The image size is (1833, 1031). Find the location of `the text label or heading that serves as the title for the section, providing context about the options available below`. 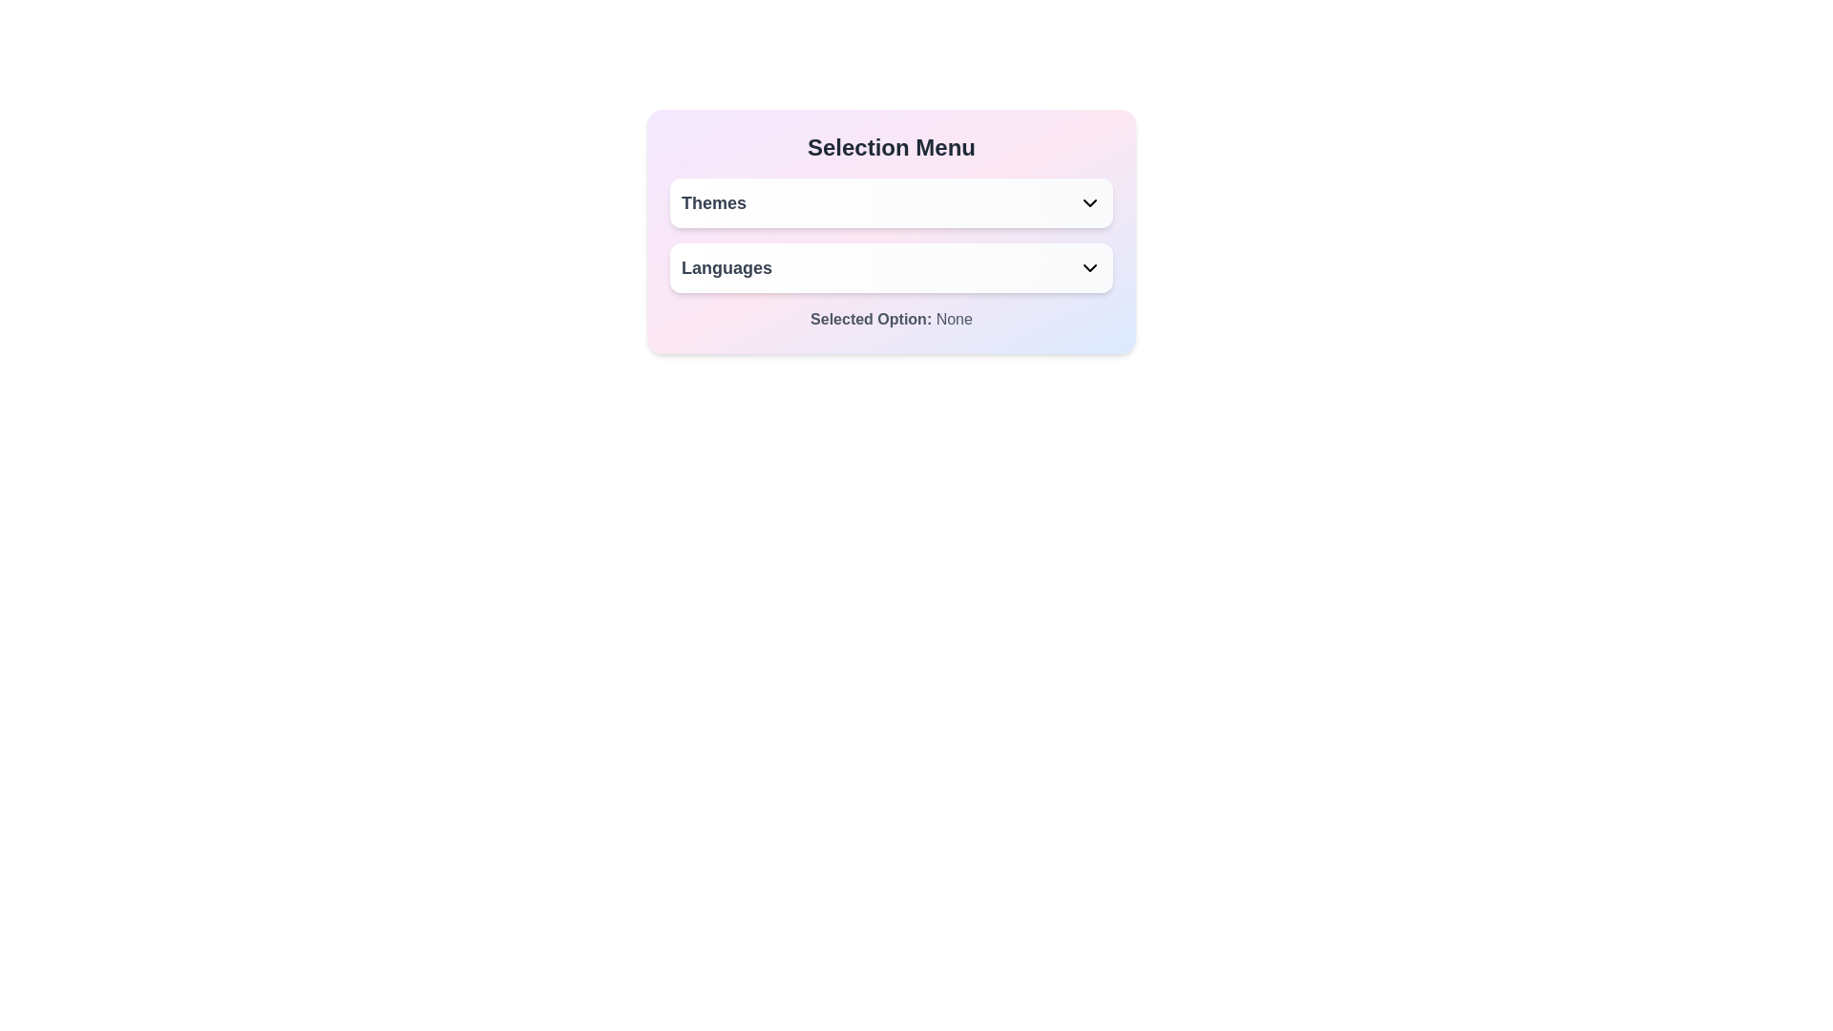

the text label or heading that serves as the title for the section, providing context about the options available below is located at coordinates (891, 146).